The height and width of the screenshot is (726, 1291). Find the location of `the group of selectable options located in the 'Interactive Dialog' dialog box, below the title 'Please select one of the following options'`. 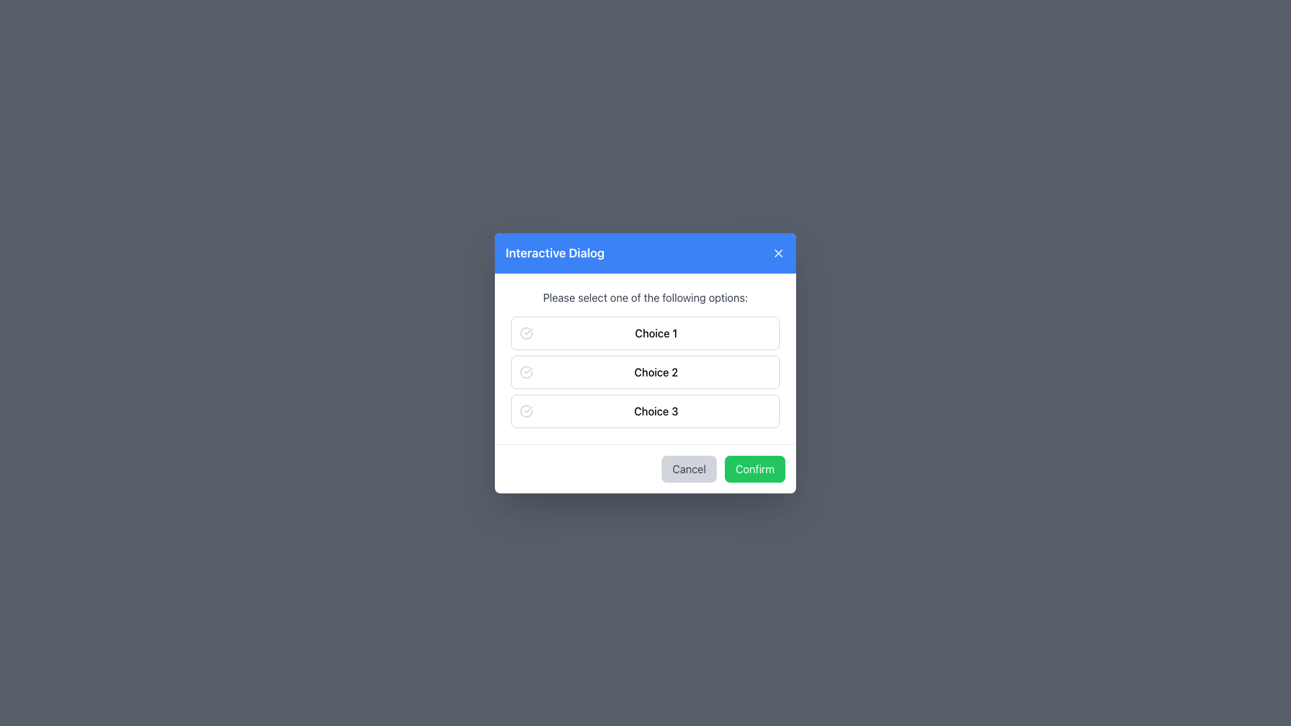

the group of selectable options located in the 'Interactive Dialog' dialog box, below the title 'Please select one of the following options' is located at coordinates (645, 371).